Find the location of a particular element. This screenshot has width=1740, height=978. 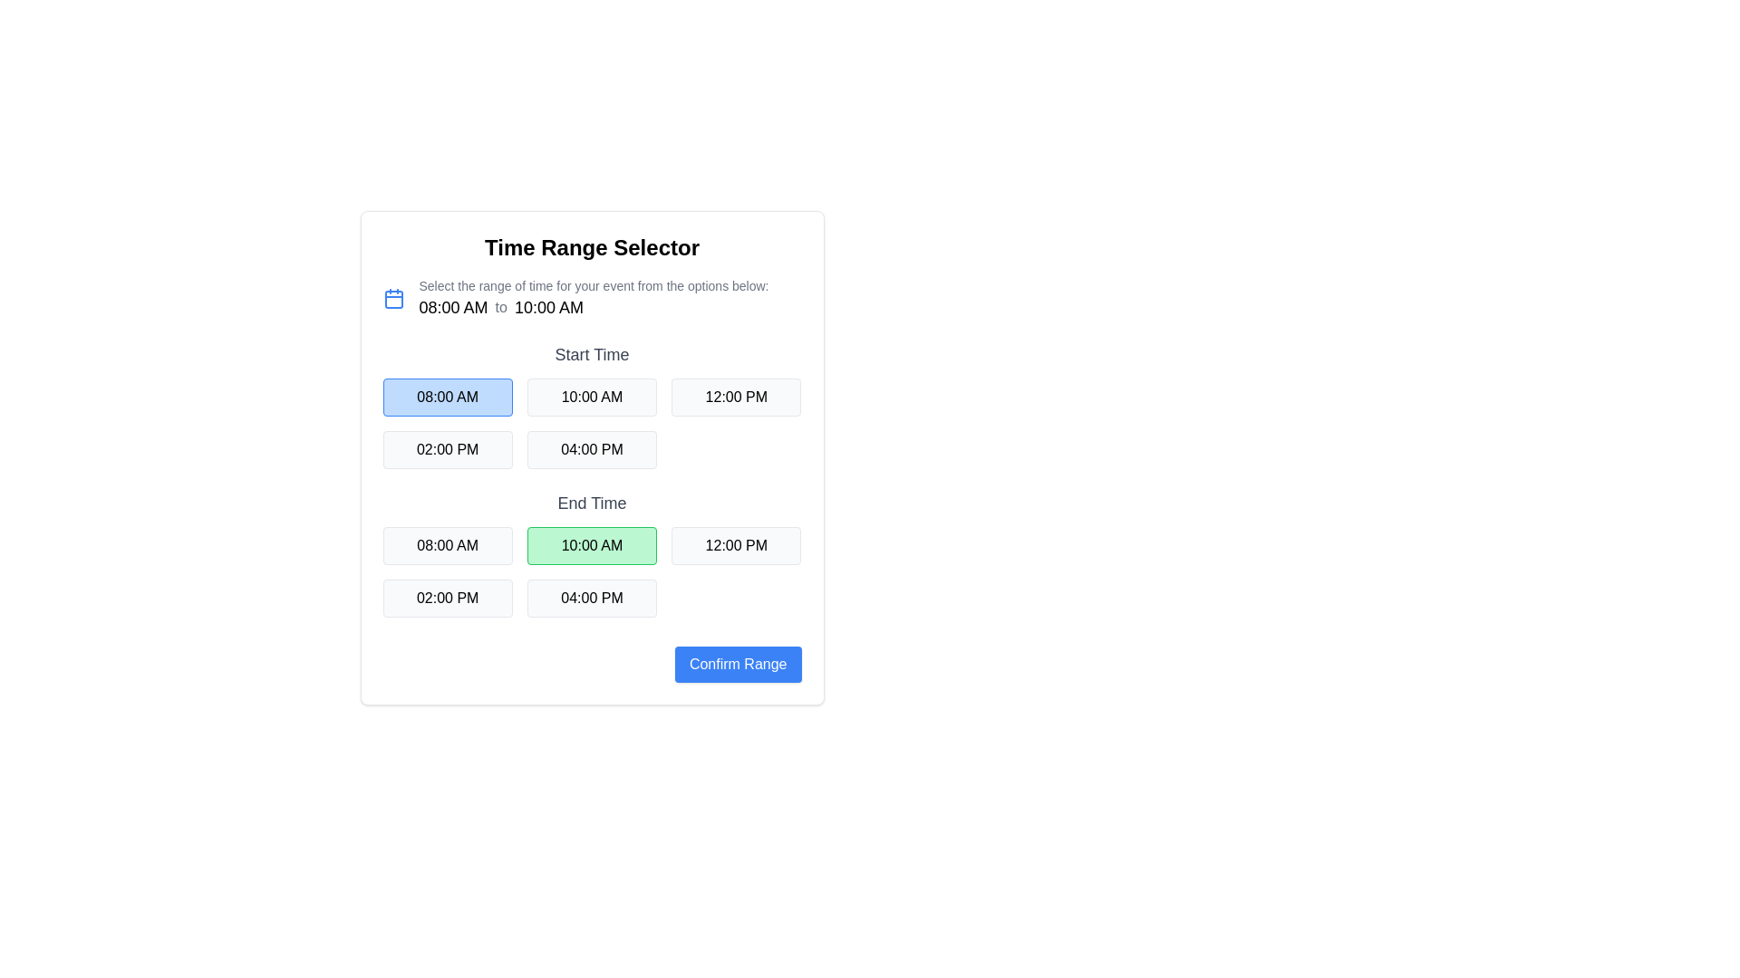

the rectangular button labeled '08:00 AM' in the 'End Time' section of the 'Time Range Selector' interface is located at coordinates (448, 544).